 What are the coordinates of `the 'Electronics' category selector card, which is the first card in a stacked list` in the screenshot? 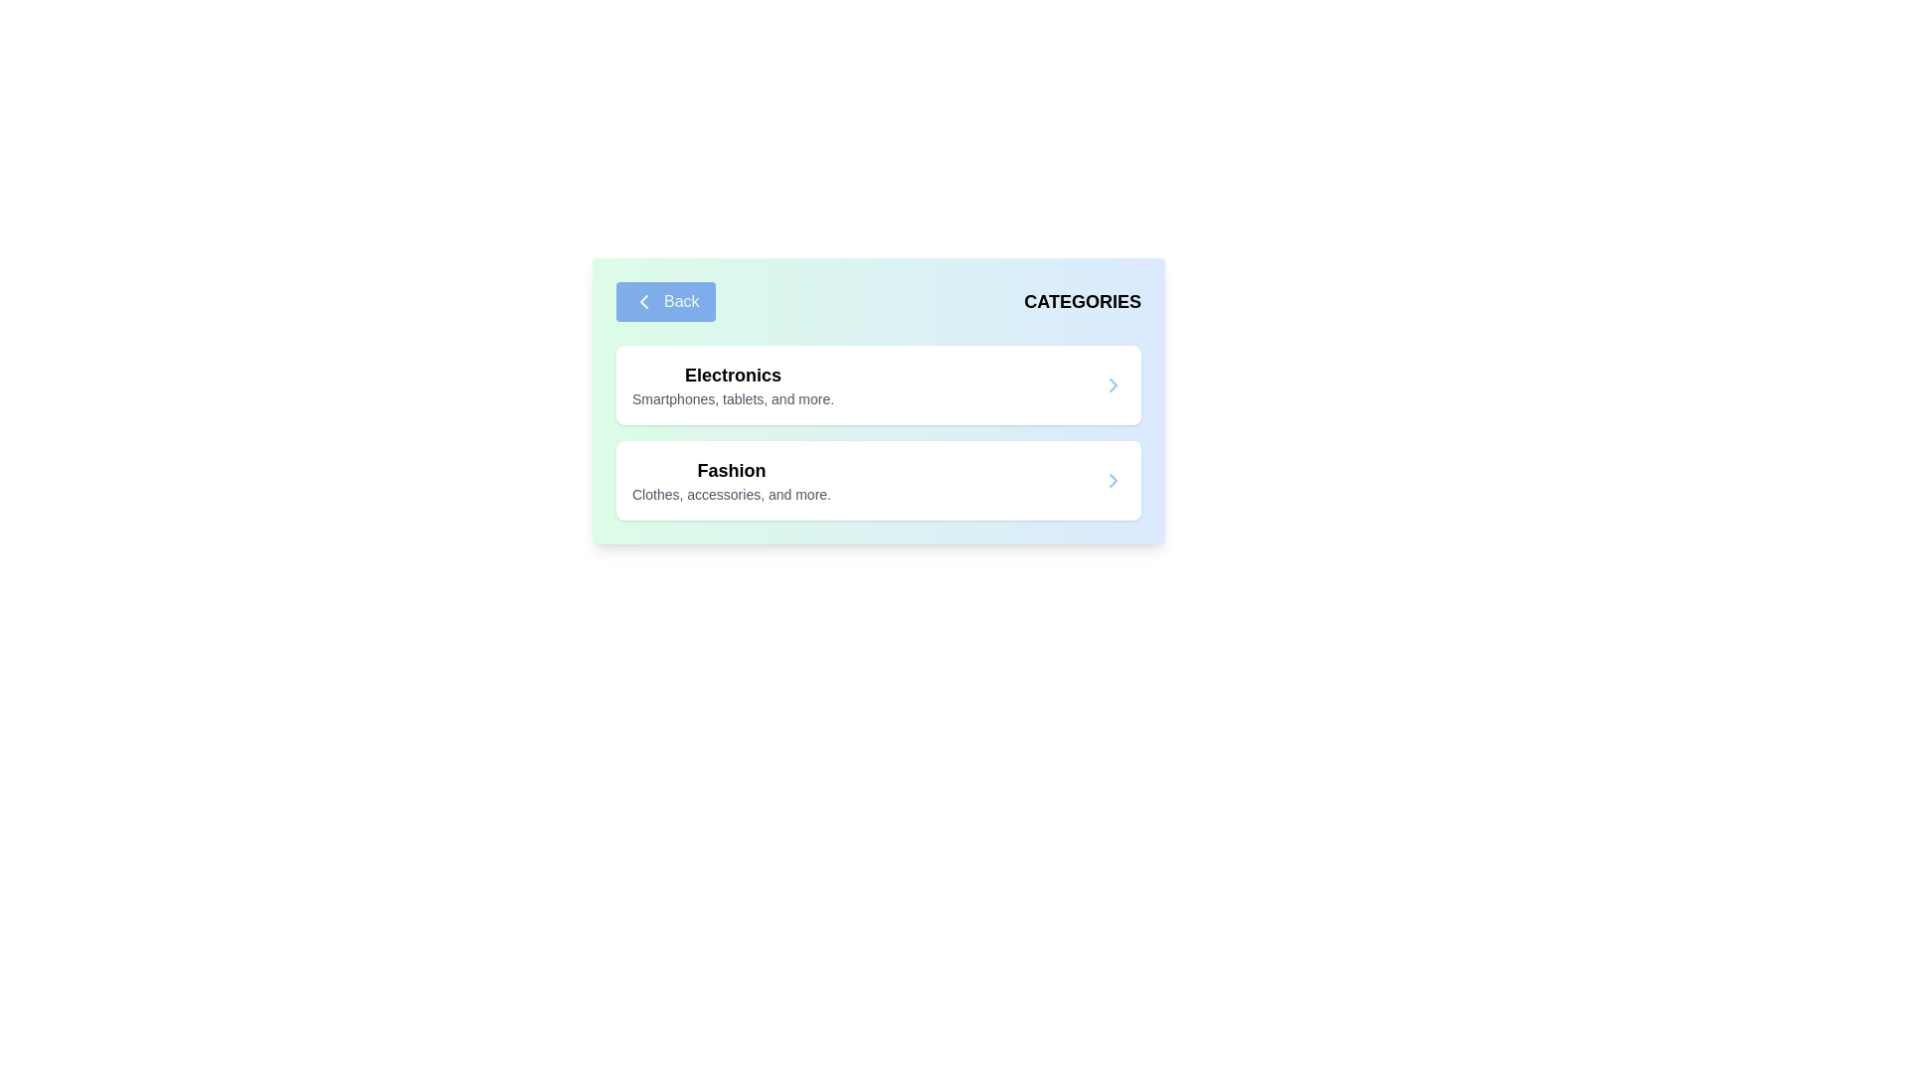 It's located at (877, 385).